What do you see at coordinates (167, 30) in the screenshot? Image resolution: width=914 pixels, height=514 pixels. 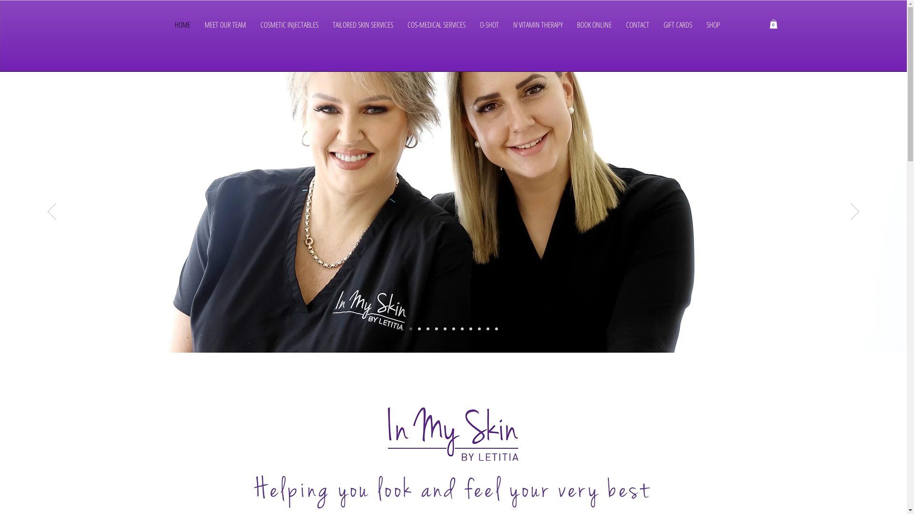 I see `'HOME'` at bounding box center [167, 30].